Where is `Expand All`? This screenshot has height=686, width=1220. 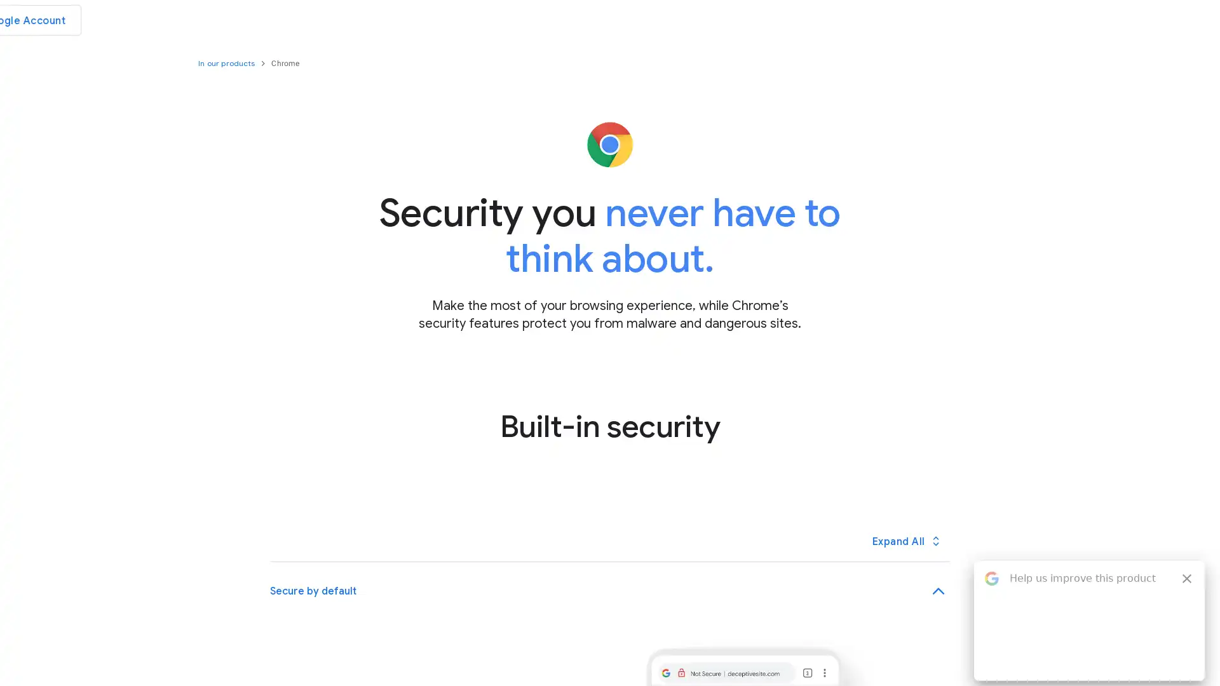 Expand All is located at coordinates (905, 541).